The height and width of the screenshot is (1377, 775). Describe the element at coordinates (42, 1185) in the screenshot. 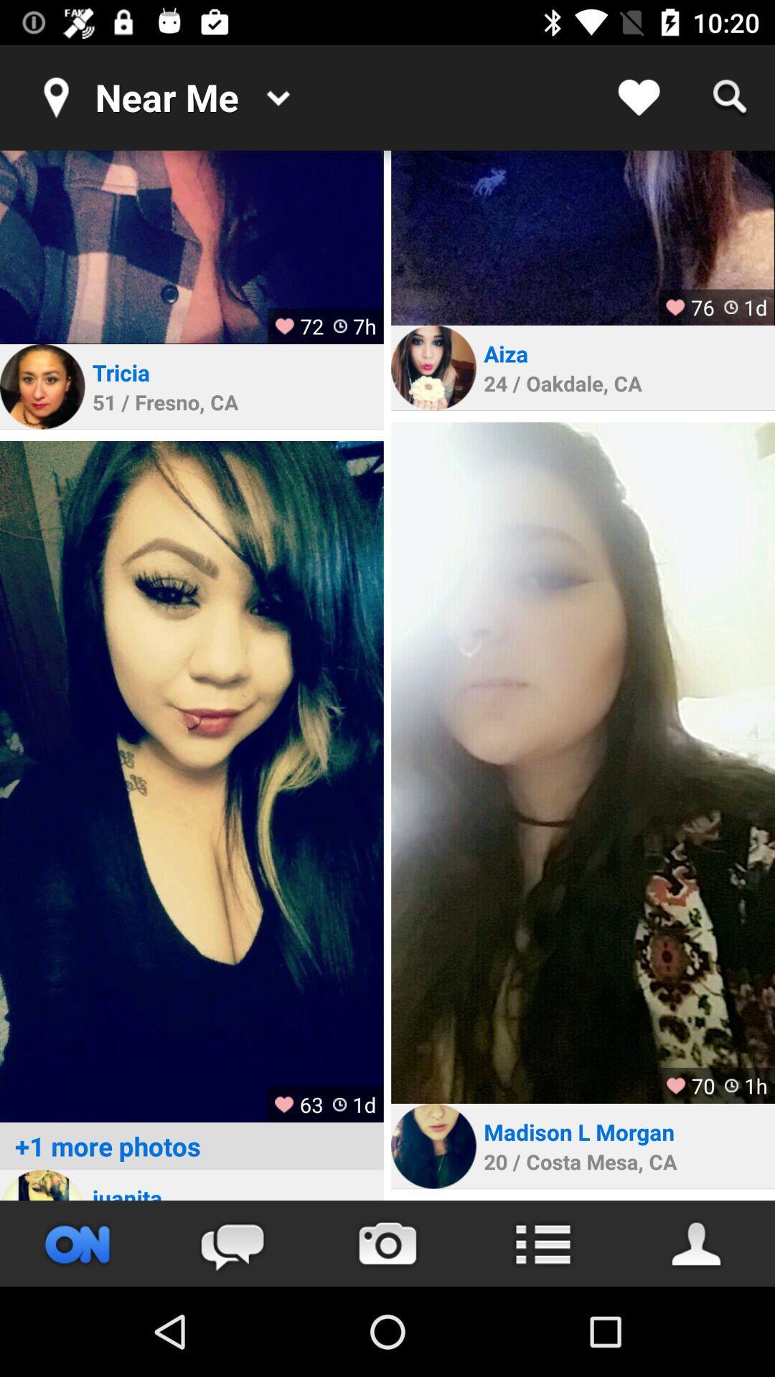

I see `advertisement` at that location.